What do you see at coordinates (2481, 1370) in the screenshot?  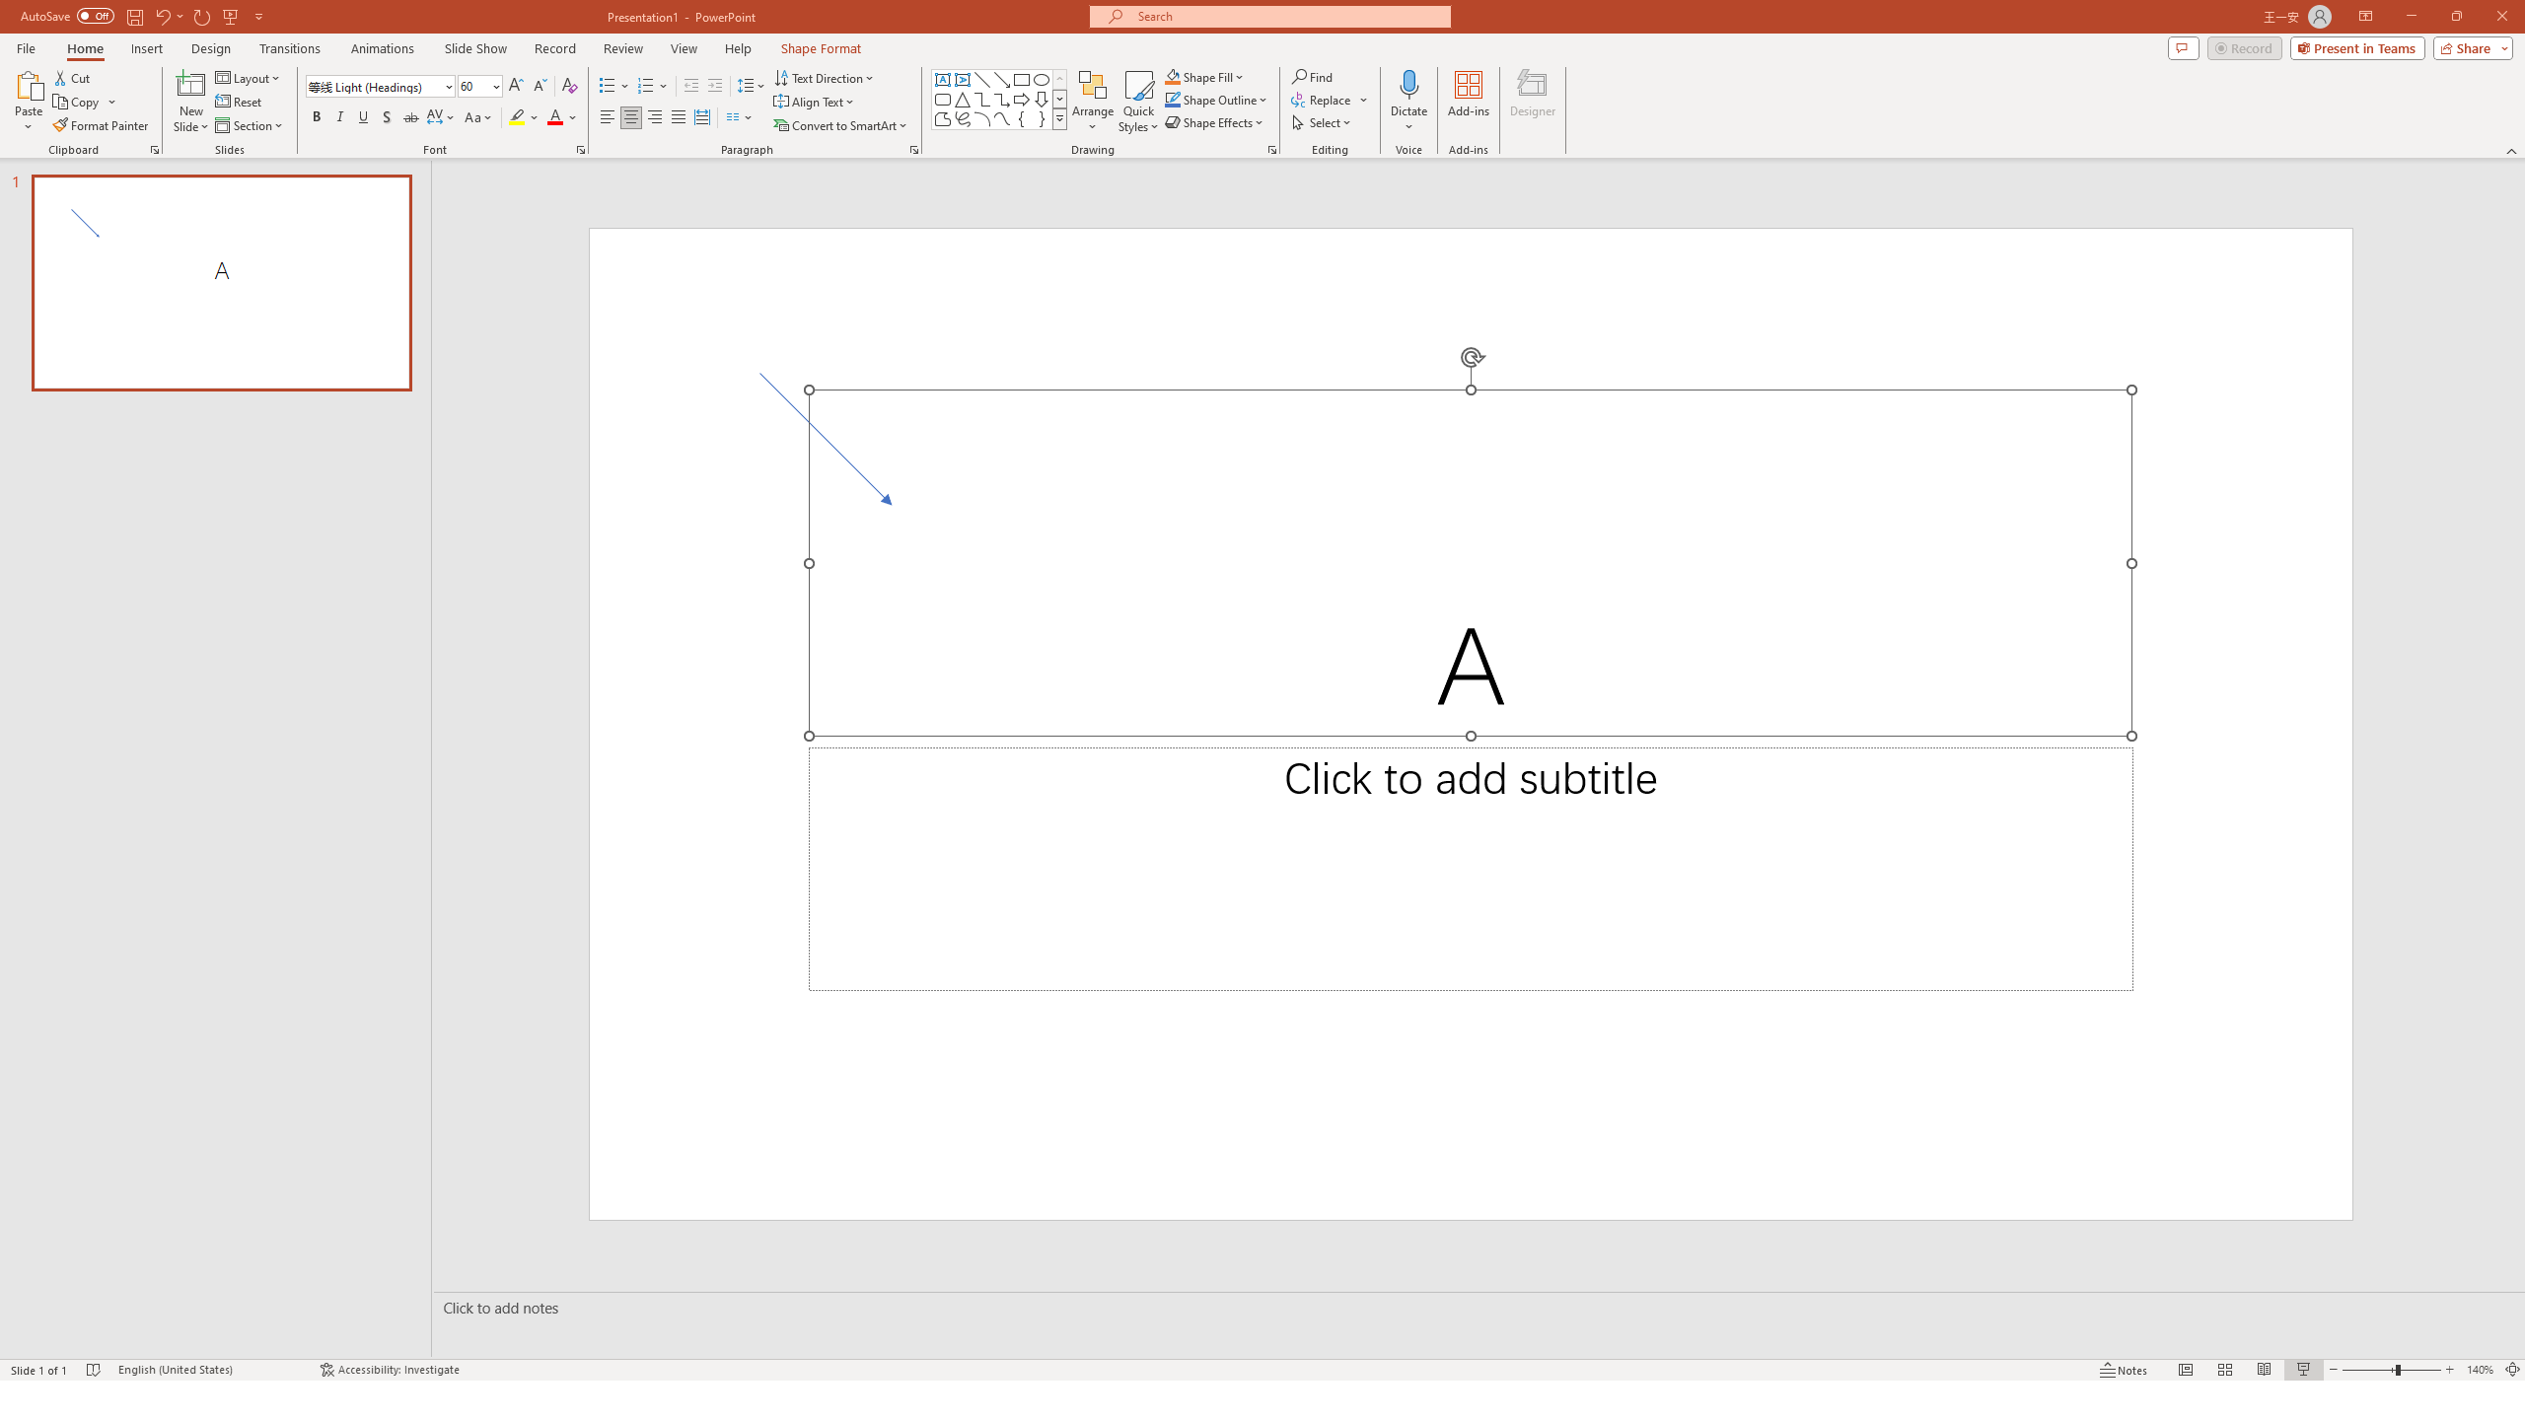 I see `'Zoom 140%'` at bounding box center [2481, 1370].